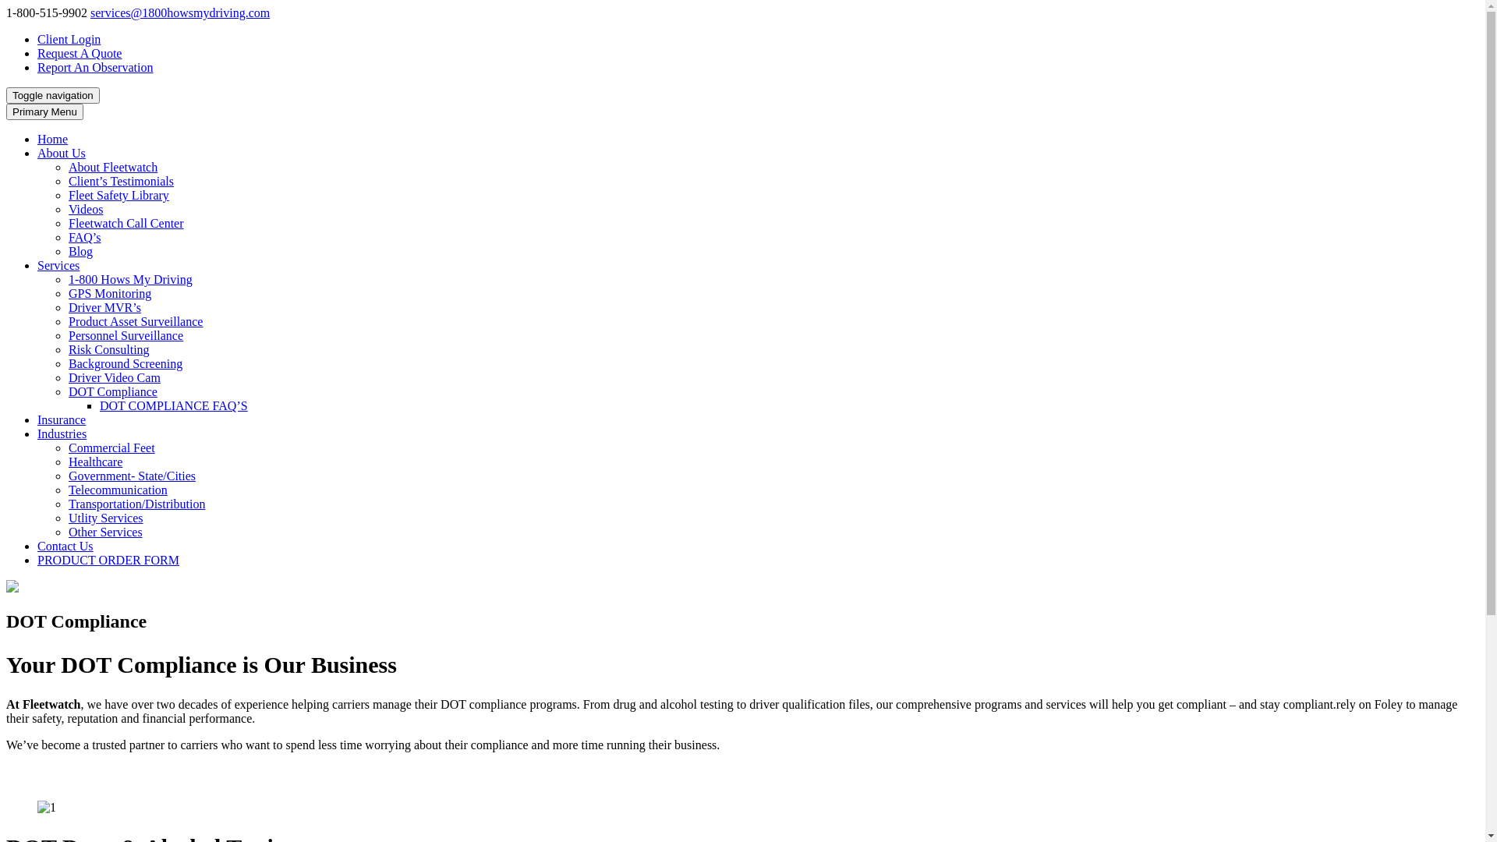 The image size is (1497, 842). I want to click on 'Blog', so click(67, 250).